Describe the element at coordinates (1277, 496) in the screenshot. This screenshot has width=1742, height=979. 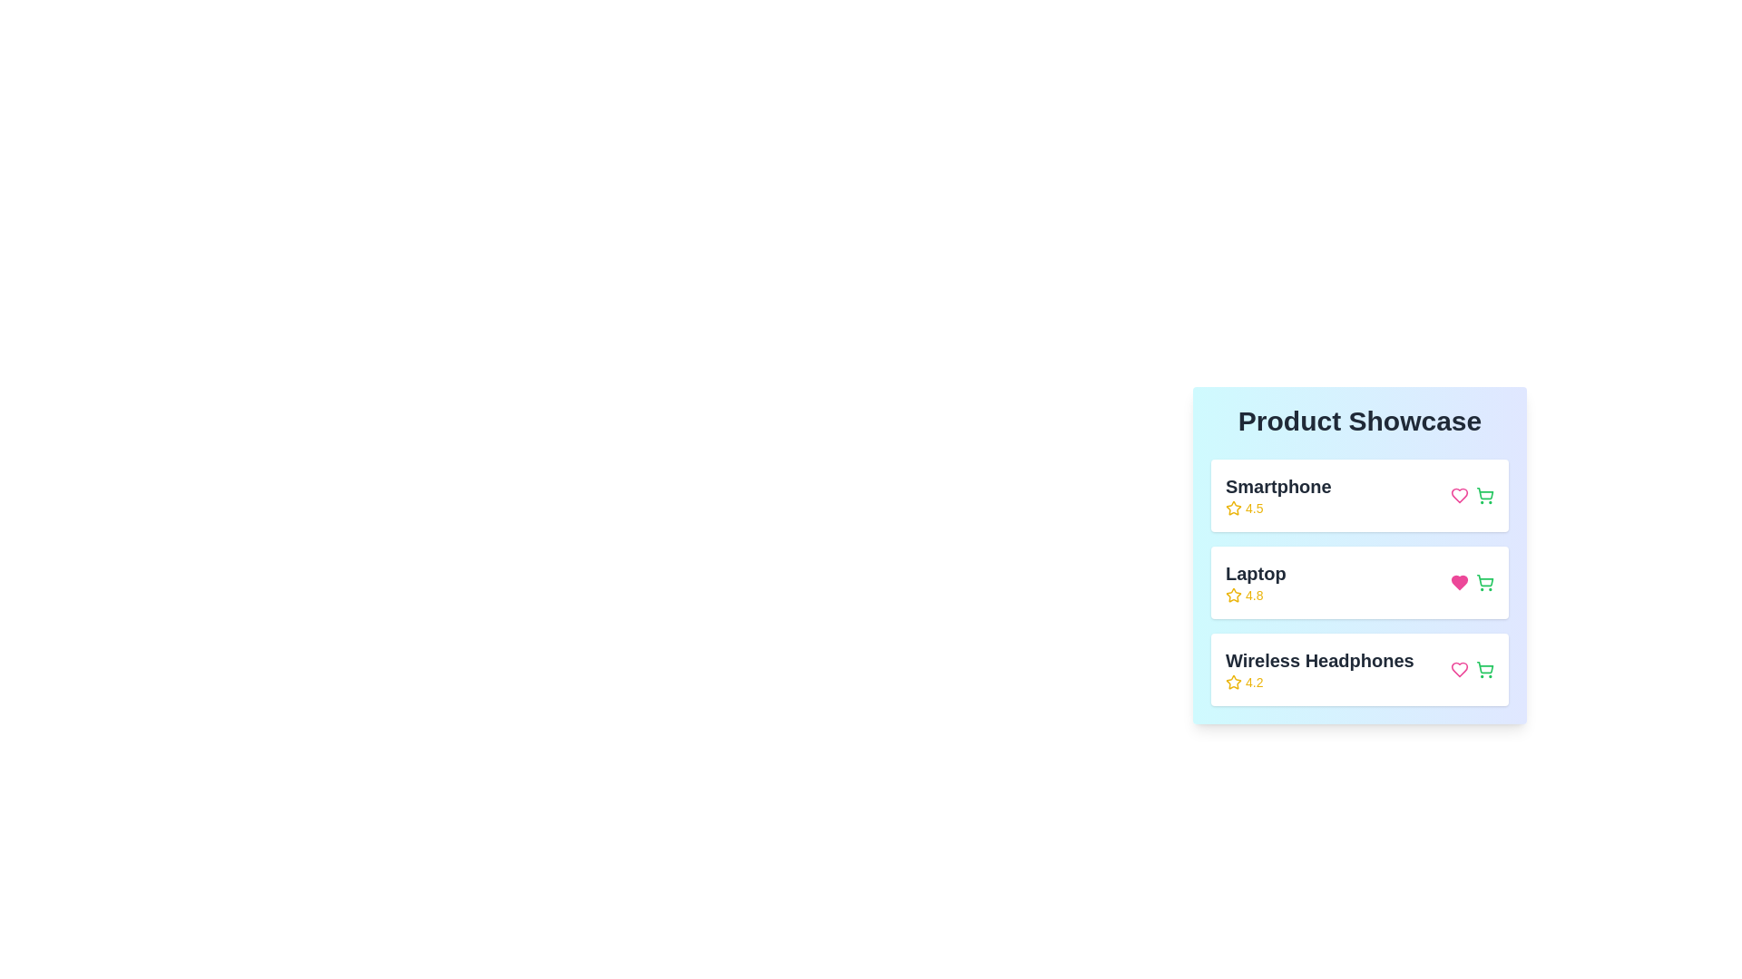
I see `the product name Smartphone to view its details` at that location.